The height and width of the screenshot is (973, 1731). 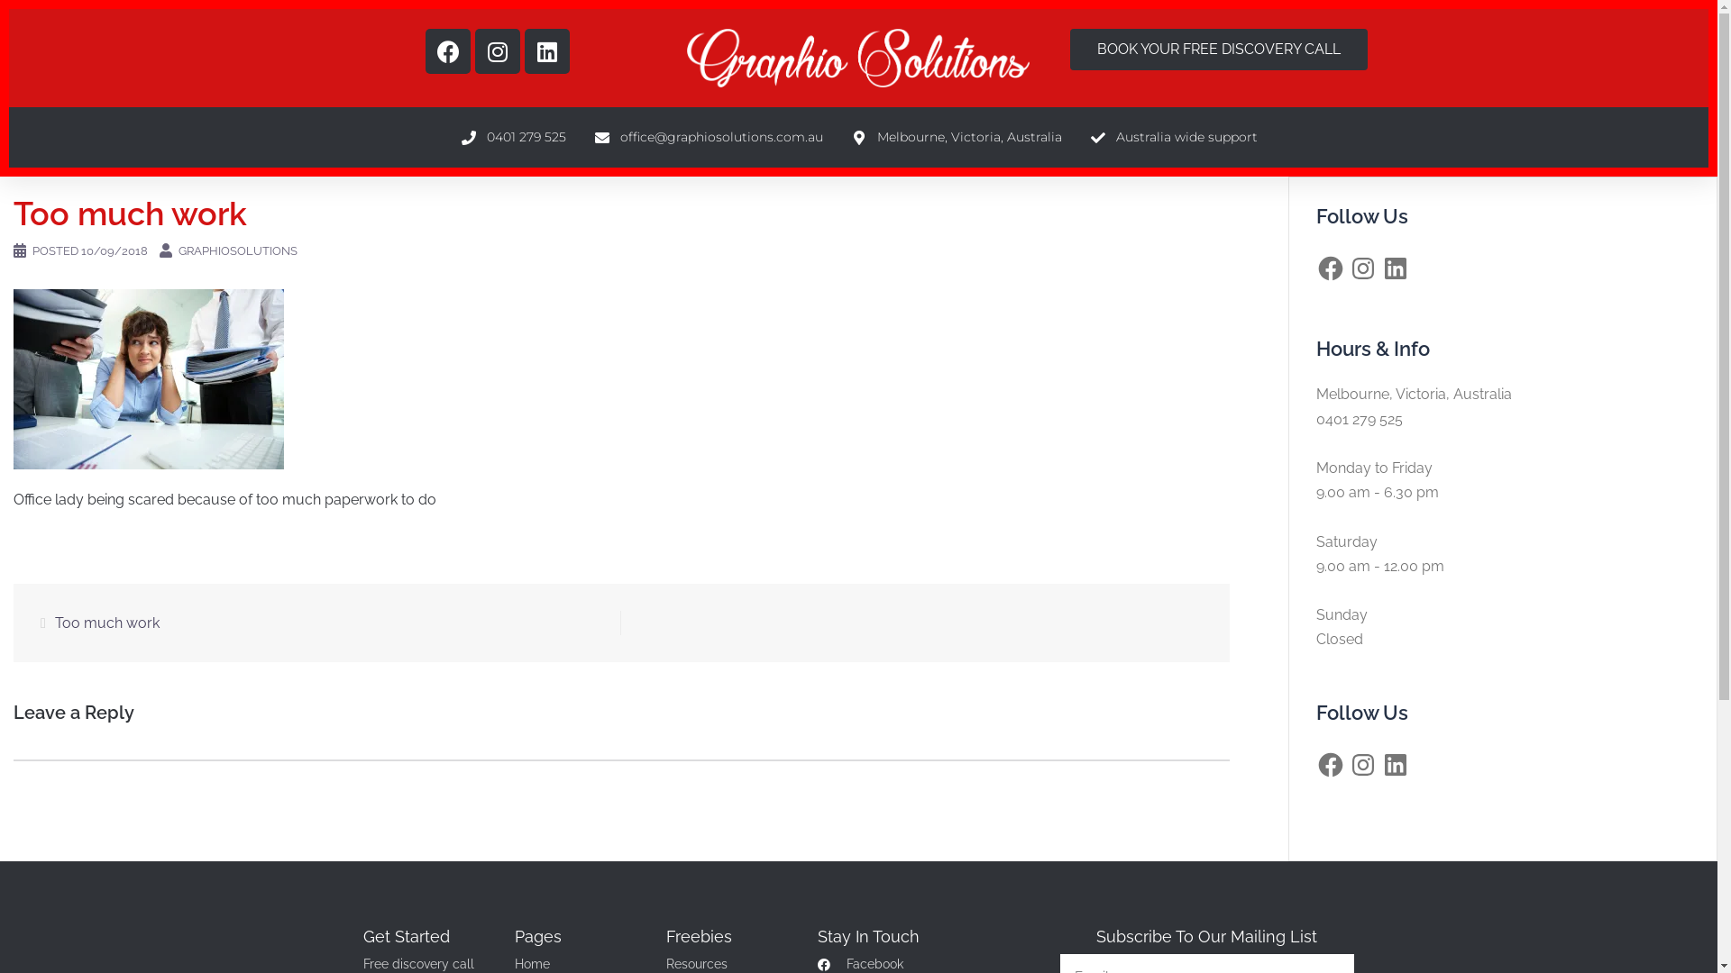 What do you see at coordinates (707, 137) in the screenshot?
I see `'office@graphiosolutions.com.au'` at bounding box center [707, 137].